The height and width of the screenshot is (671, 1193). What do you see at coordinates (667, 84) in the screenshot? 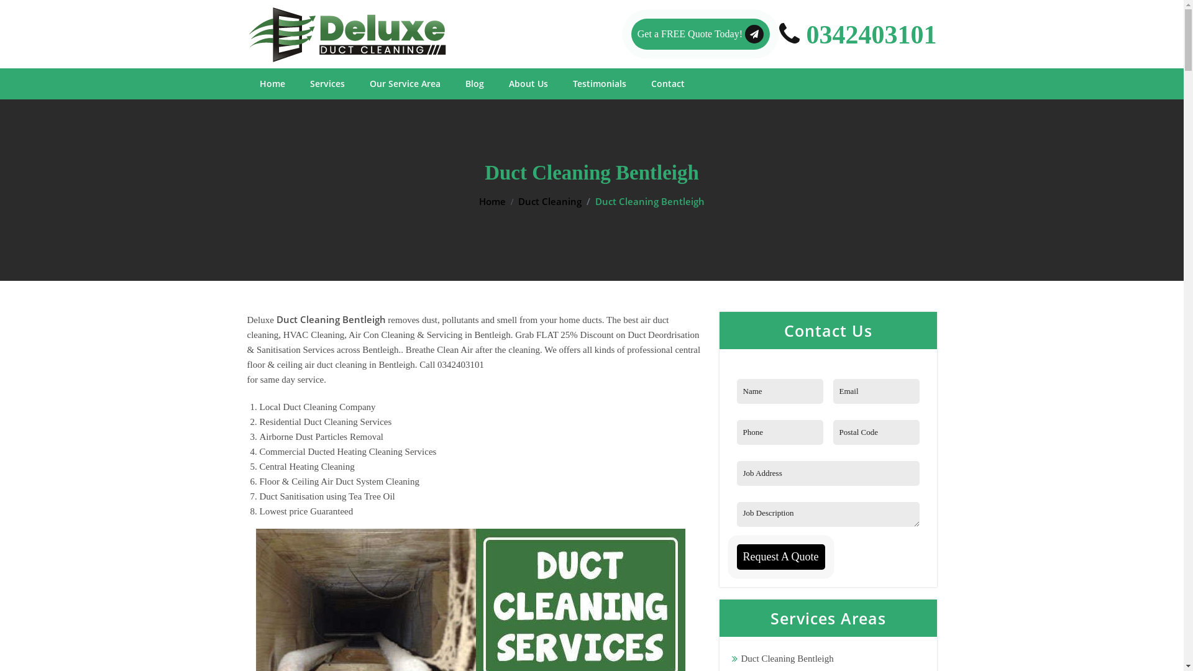
I see `'Contact'` at bounding box center [667, 84].